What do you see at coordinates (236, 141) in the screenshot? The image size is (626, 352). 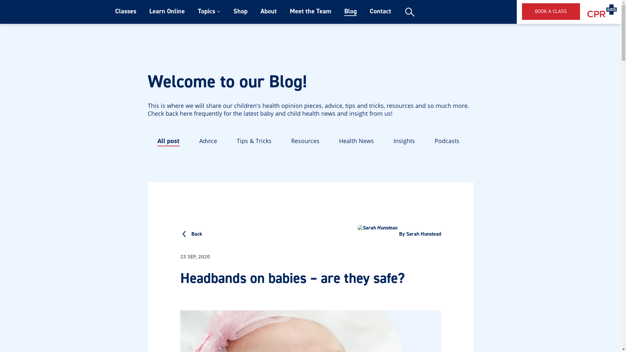 I see `'Tips & Tricks'` at bounding box center [236, 141].